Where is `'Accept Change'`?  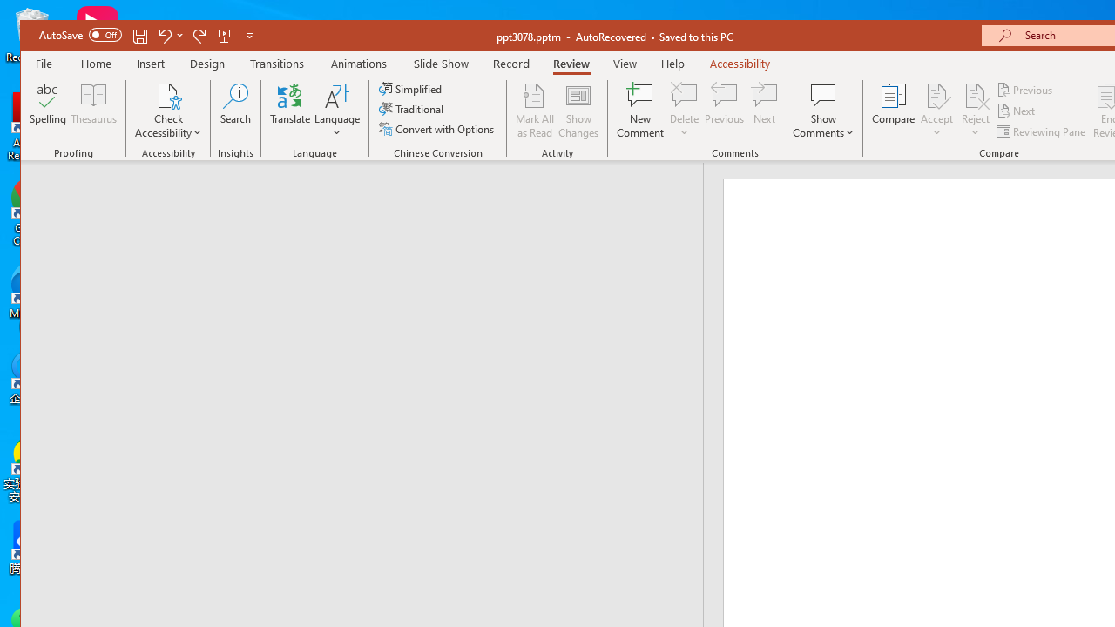
'Accept Change' is located at coordinates (936, 95).